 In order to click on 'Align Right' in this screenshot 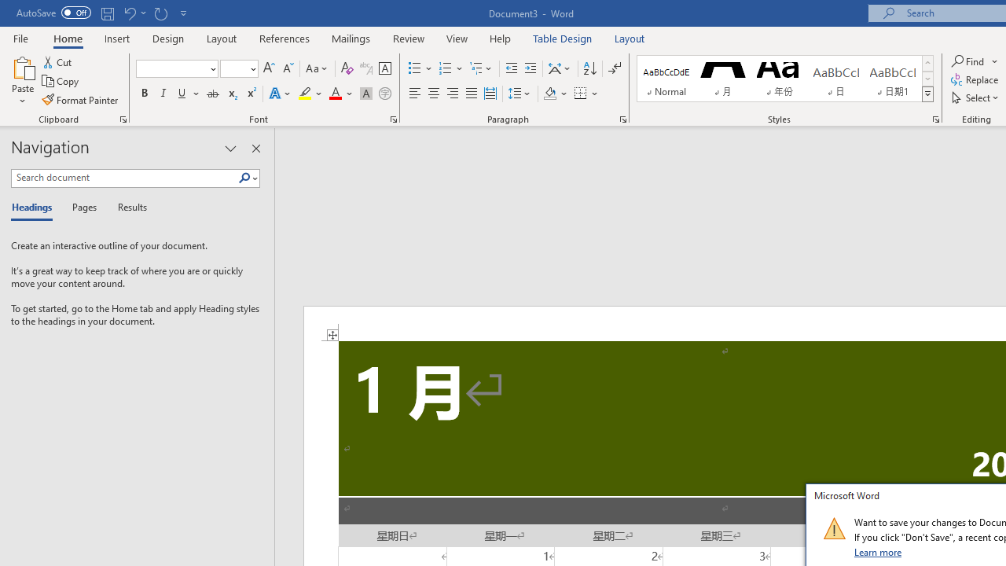, I will do `click(452, 94)`.